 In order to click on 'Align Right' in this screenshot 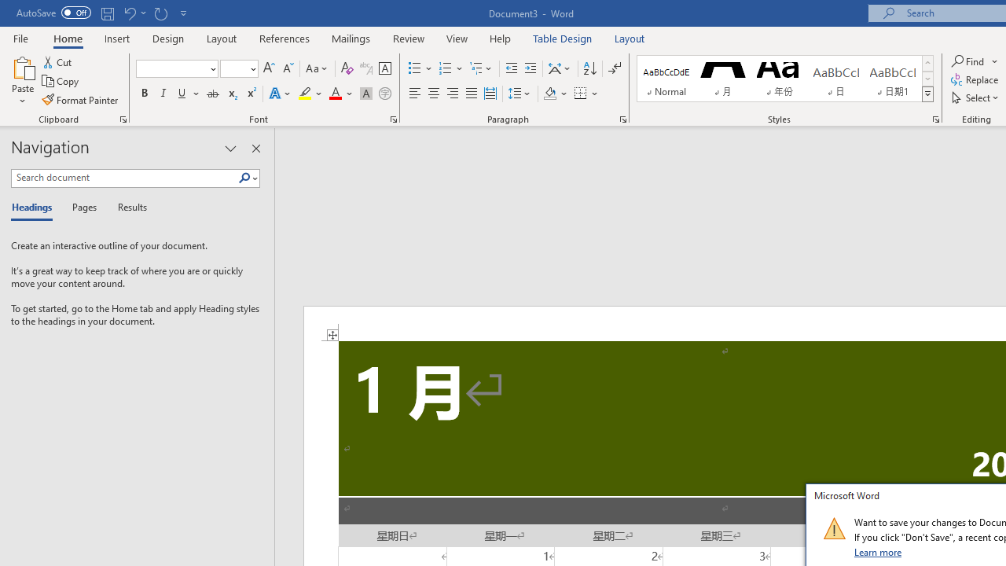, I will do `click(452, 94)`.